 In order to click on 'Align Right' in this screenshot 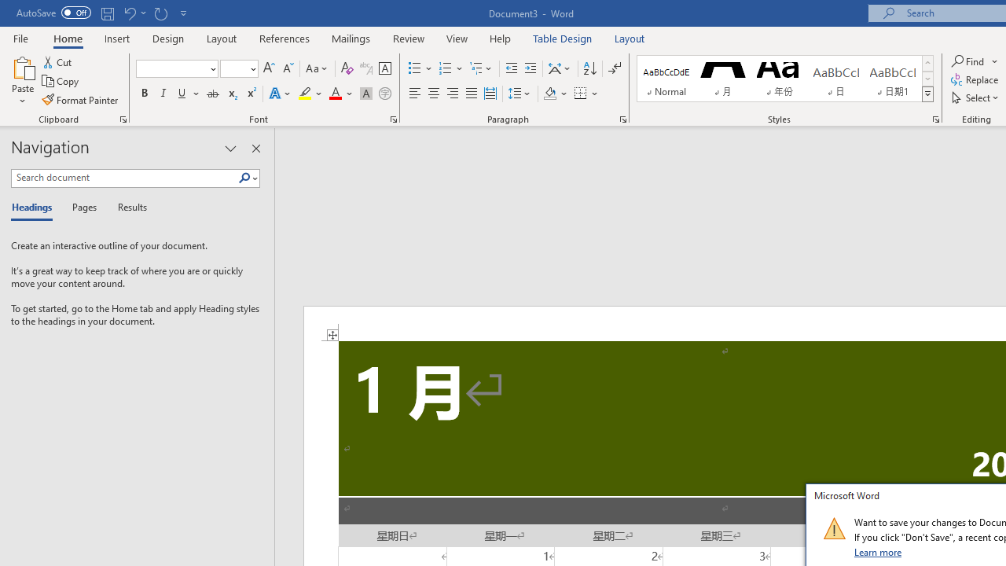, I will do `click(452, 94)`.